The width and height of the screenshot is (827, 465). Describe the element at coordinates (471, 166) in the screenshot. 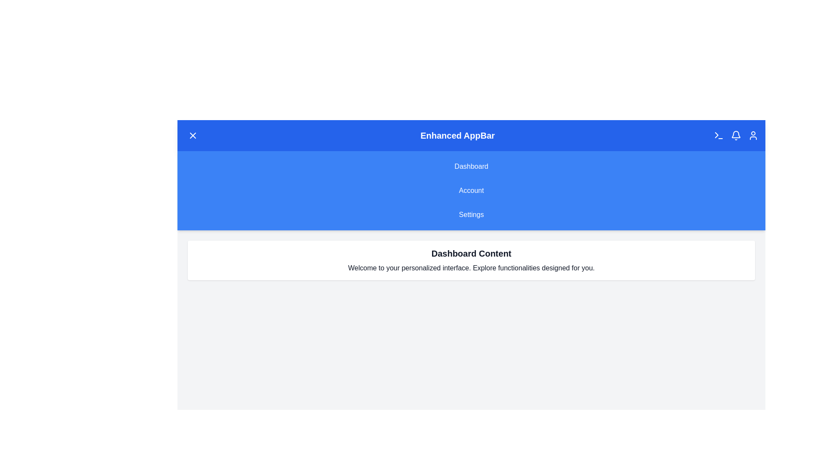

I see `'Dashboard' button` at that location.